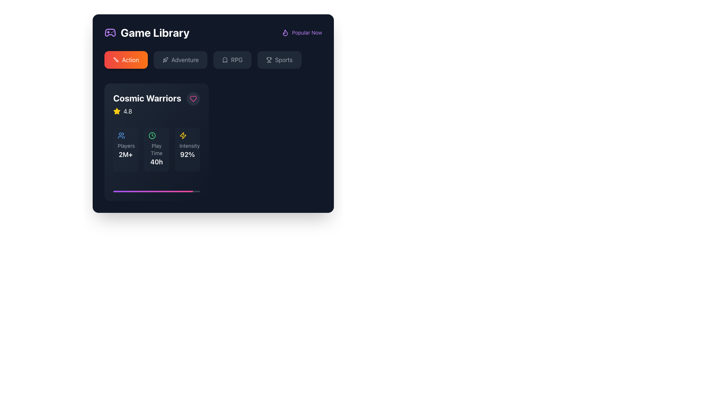  I want to click on rating value displayed by the star symbol and numerical value for the item 'Cosmic Warriors', located at the top-left of the rating and stats row, so click(147, 111).